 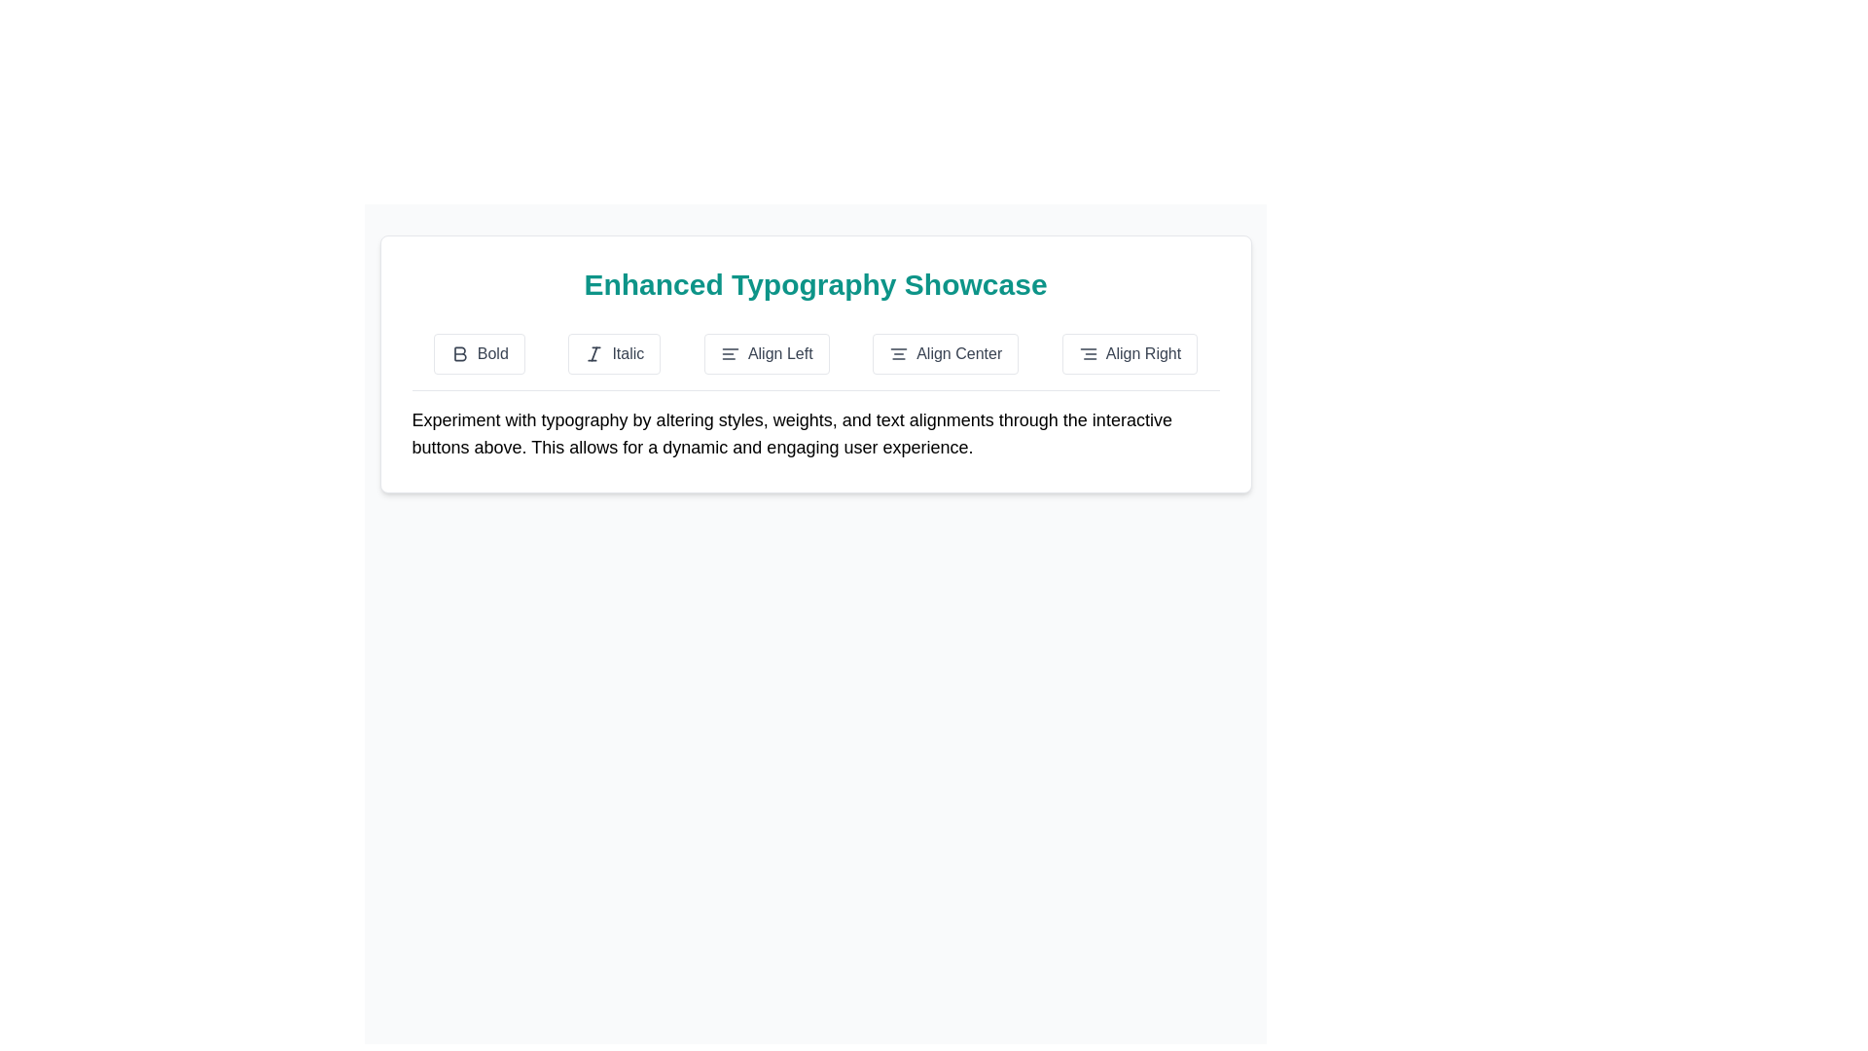 I want to click on the 'Align Center' button, which is a rounded rectangular button with a white background and gray text, located between the 'Align Left' and 'Align Right' buttons, so click(x=946, y=353).